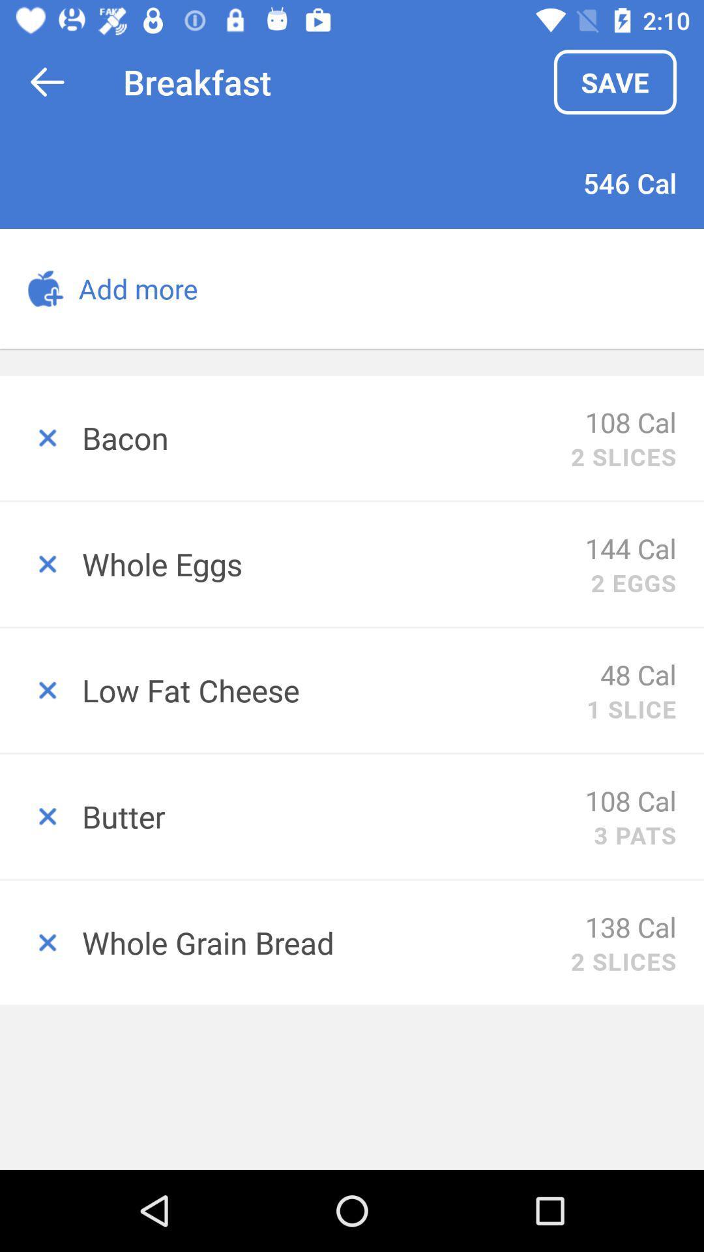  I want to click on the whole grain bread item, so click(325, 942).